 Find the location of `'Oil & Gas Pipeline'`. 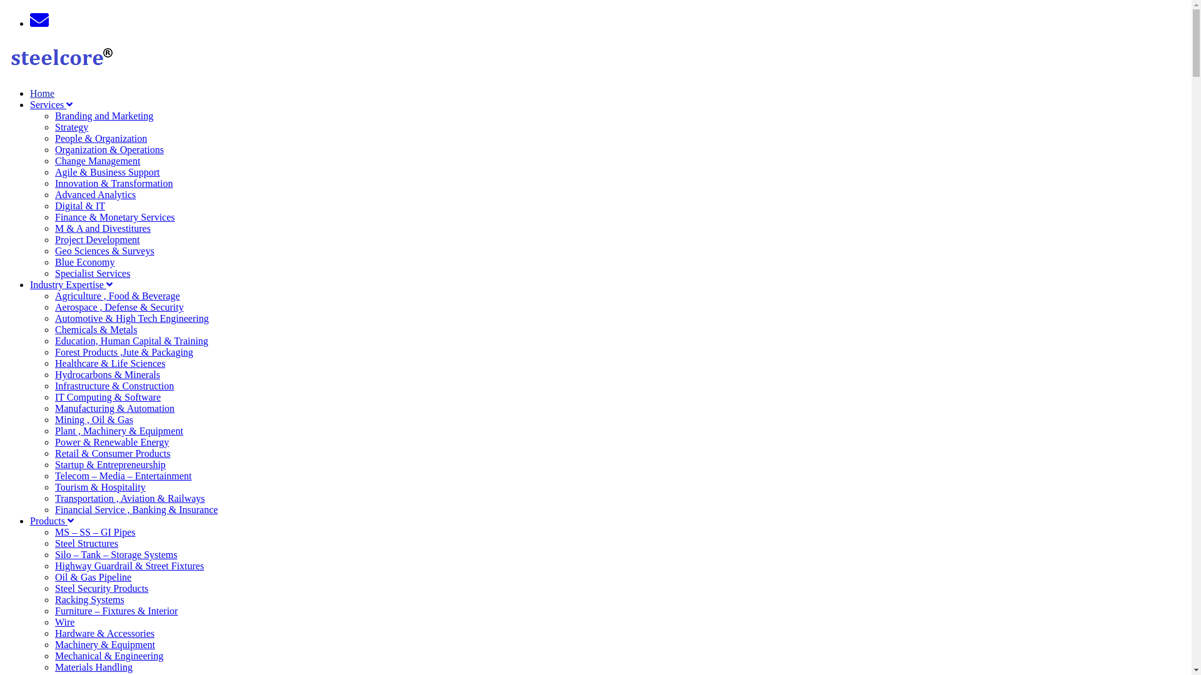

'Oil & Gas Pipeline' is located at coordinates (92, 577).